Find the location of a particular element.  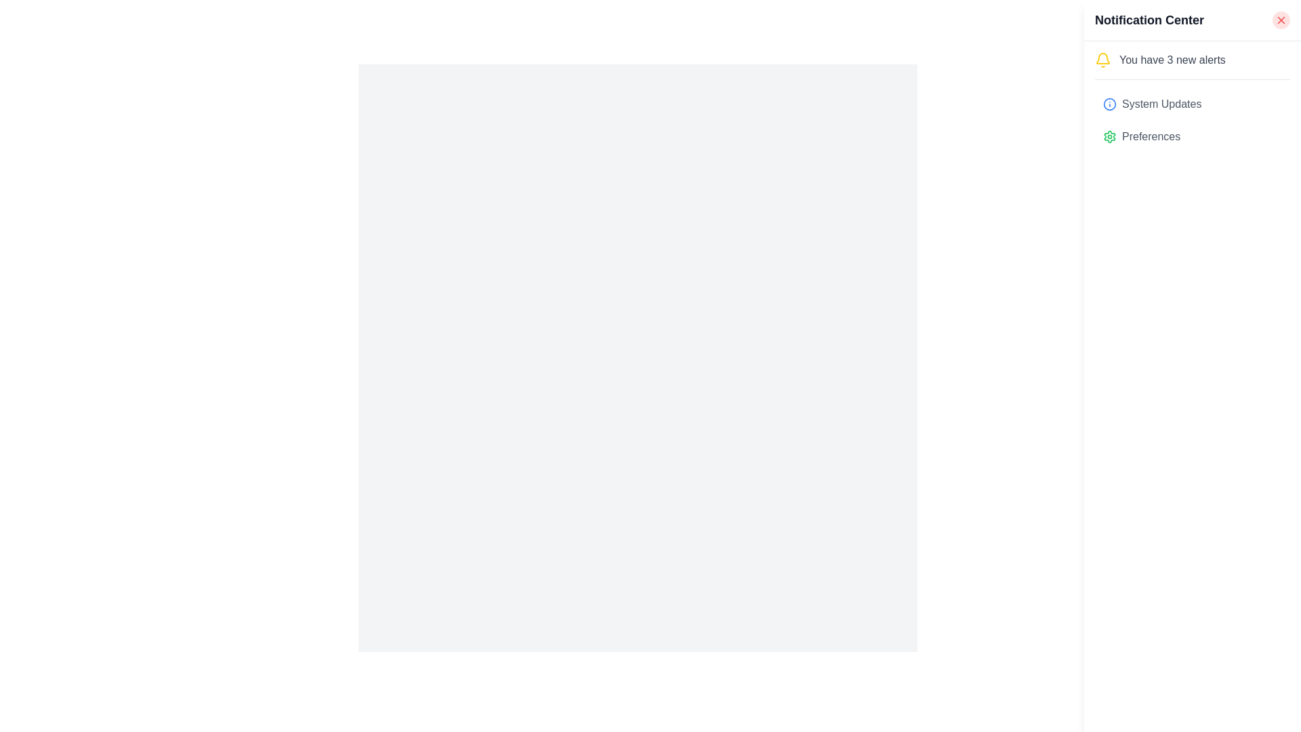

the 'Notification Center' static text label, which is displayed in bold and large dark gray font at the top of the side panel is located at coordinates (1149, 20).